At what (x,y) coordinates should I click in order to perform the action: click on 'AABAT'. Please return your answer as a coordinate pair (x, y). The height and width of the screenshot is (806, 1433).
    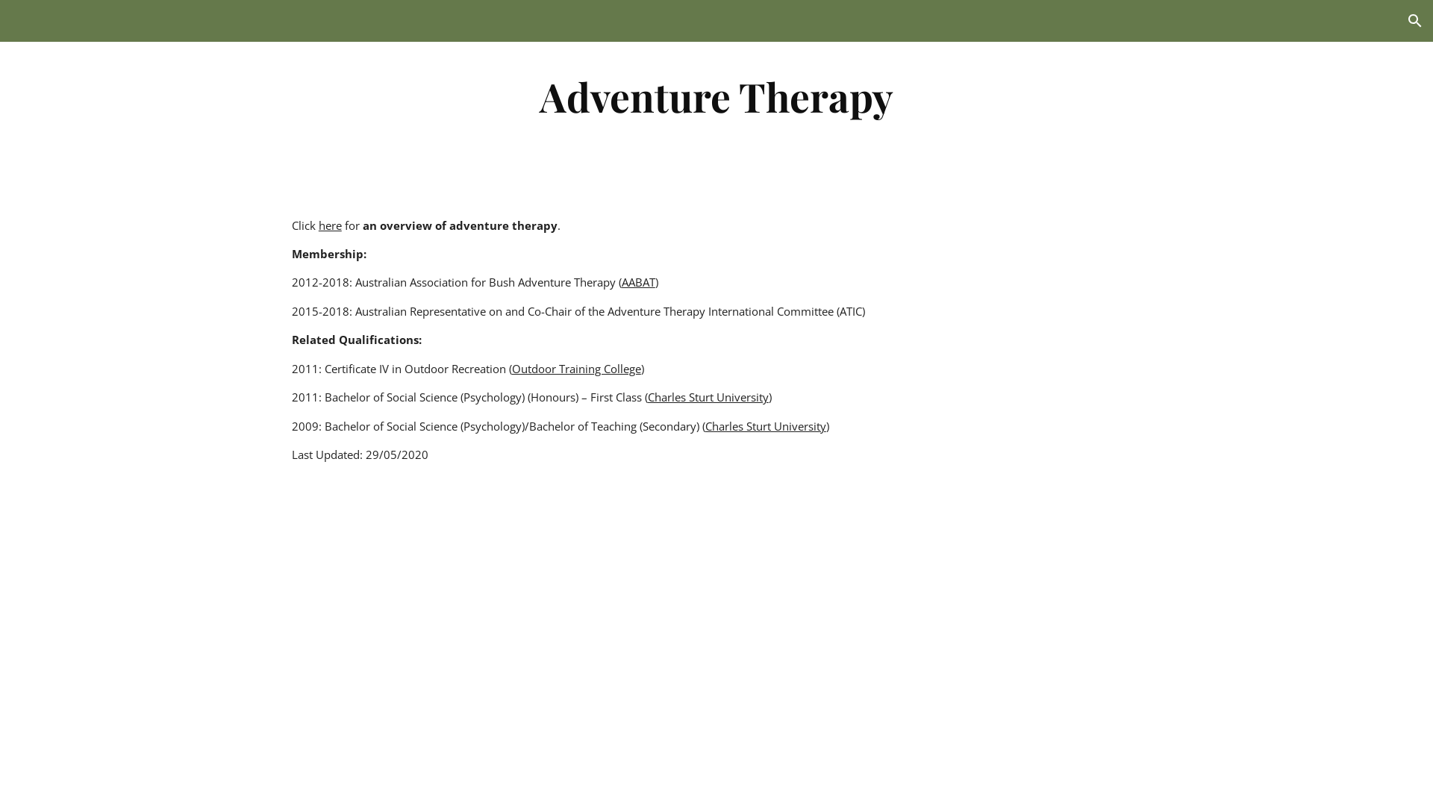
    Looking at the image, I should click on (638, 282).